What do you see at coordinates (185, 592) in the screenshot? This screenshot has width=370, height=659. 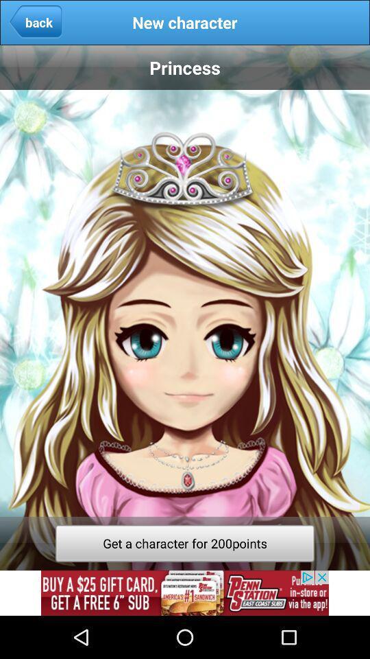 I see `click on advertisement below` at bounding box center [185, 592].